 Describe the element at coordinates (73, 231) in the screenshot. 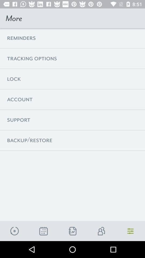

I see `open notes` at that location.